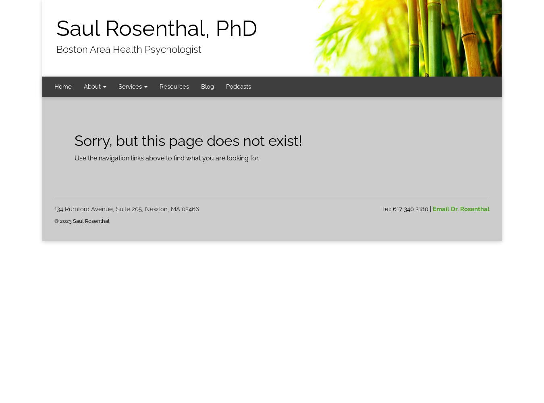 This screenshot has height=403, width=544. I want to click on 'Services', so click(118, 86).